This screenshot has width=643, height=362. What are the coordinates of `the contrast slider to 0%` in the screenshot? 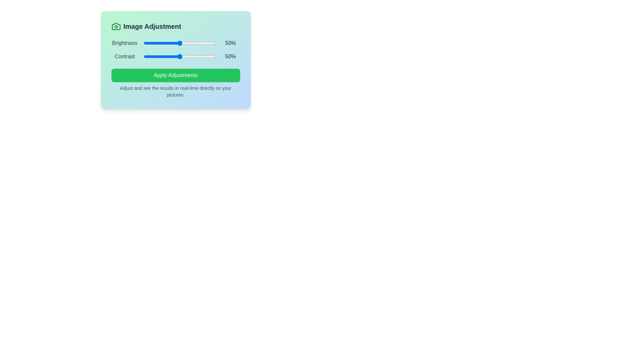 It's located at (143, 56).